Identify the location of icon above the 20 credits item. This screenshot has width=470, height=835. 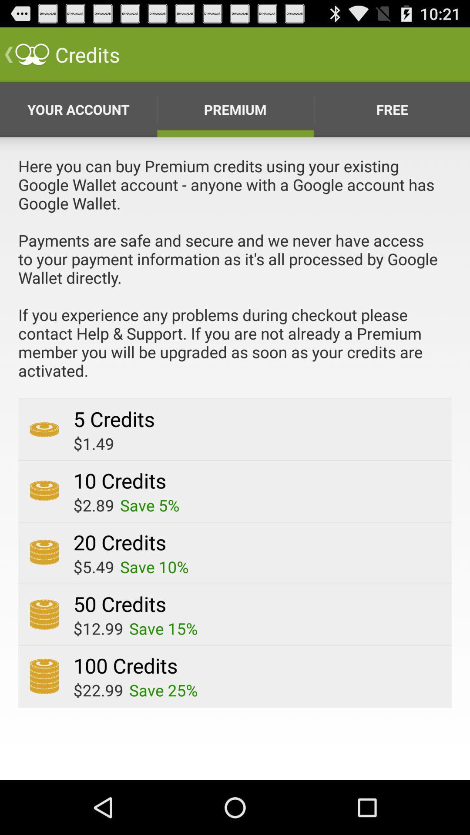
(94, 505).